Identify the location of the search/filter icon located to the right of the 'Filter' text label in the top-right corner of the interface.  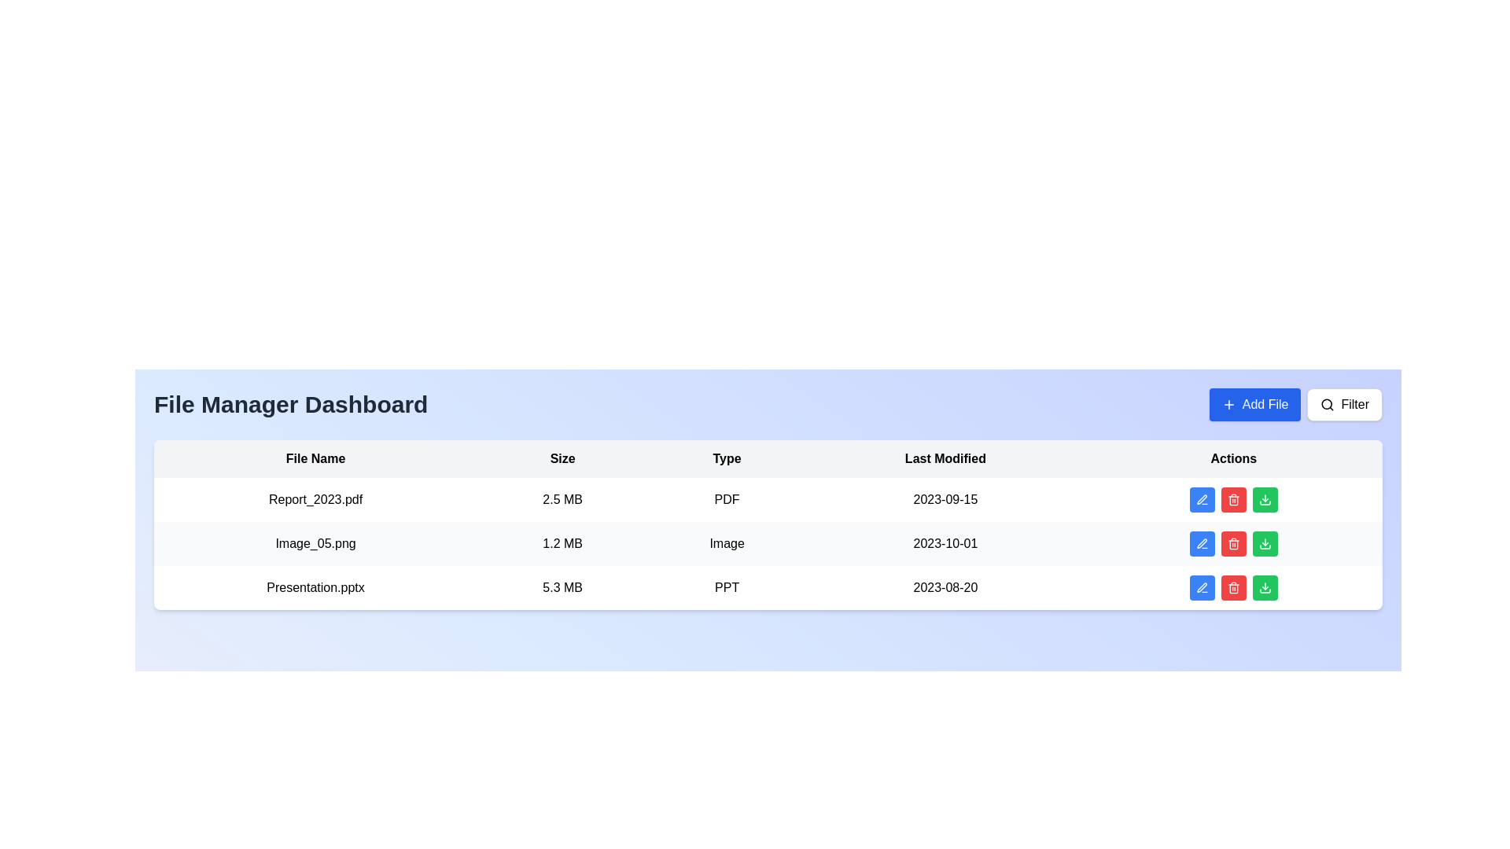
(1327, 404).